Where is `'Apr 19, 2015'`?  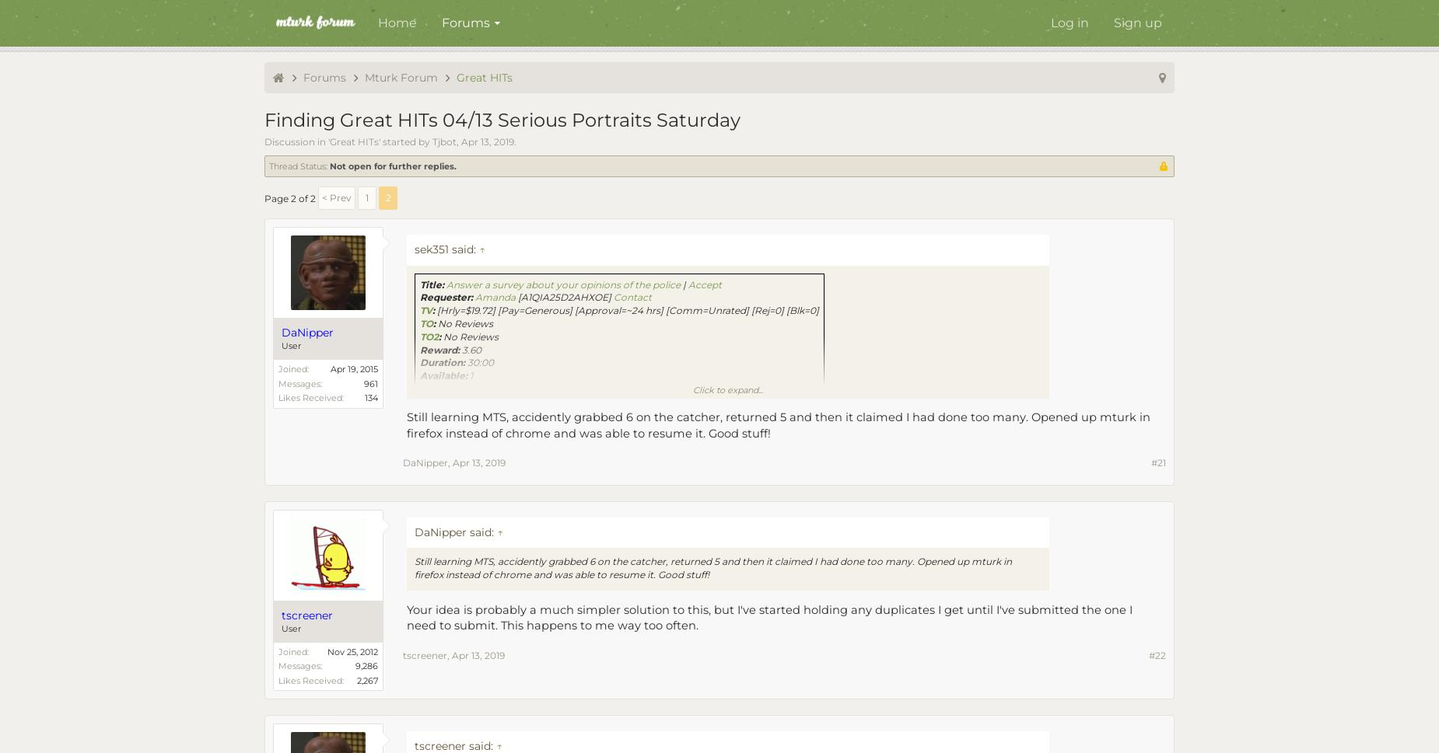
'Apr 19, 2015' is located at coordinates (329, 369).